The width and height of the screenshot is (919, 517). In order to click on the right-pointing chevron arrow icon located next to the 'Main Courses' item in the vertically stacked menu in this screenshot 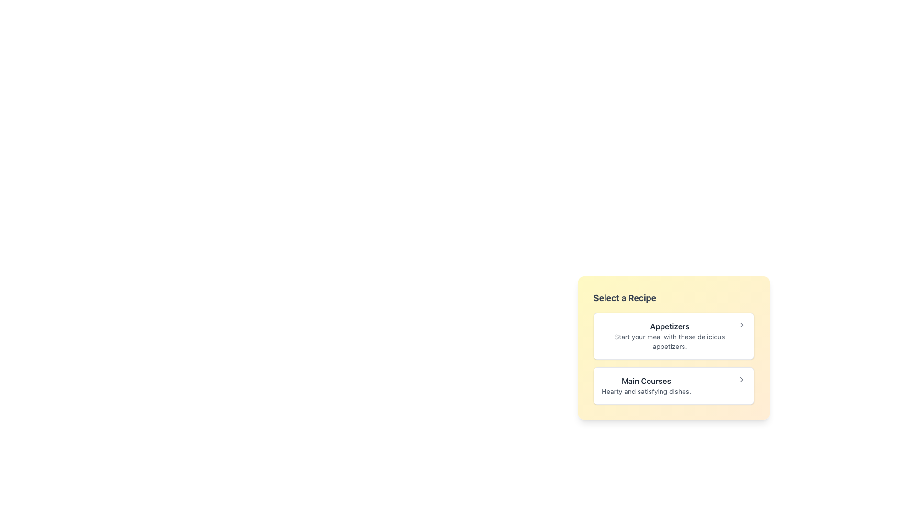, I will do `click(741, 379)`.